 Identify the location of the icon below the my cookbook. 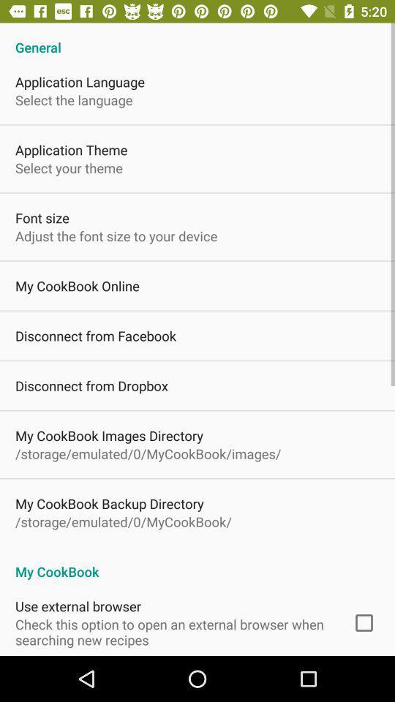
(363, 622).